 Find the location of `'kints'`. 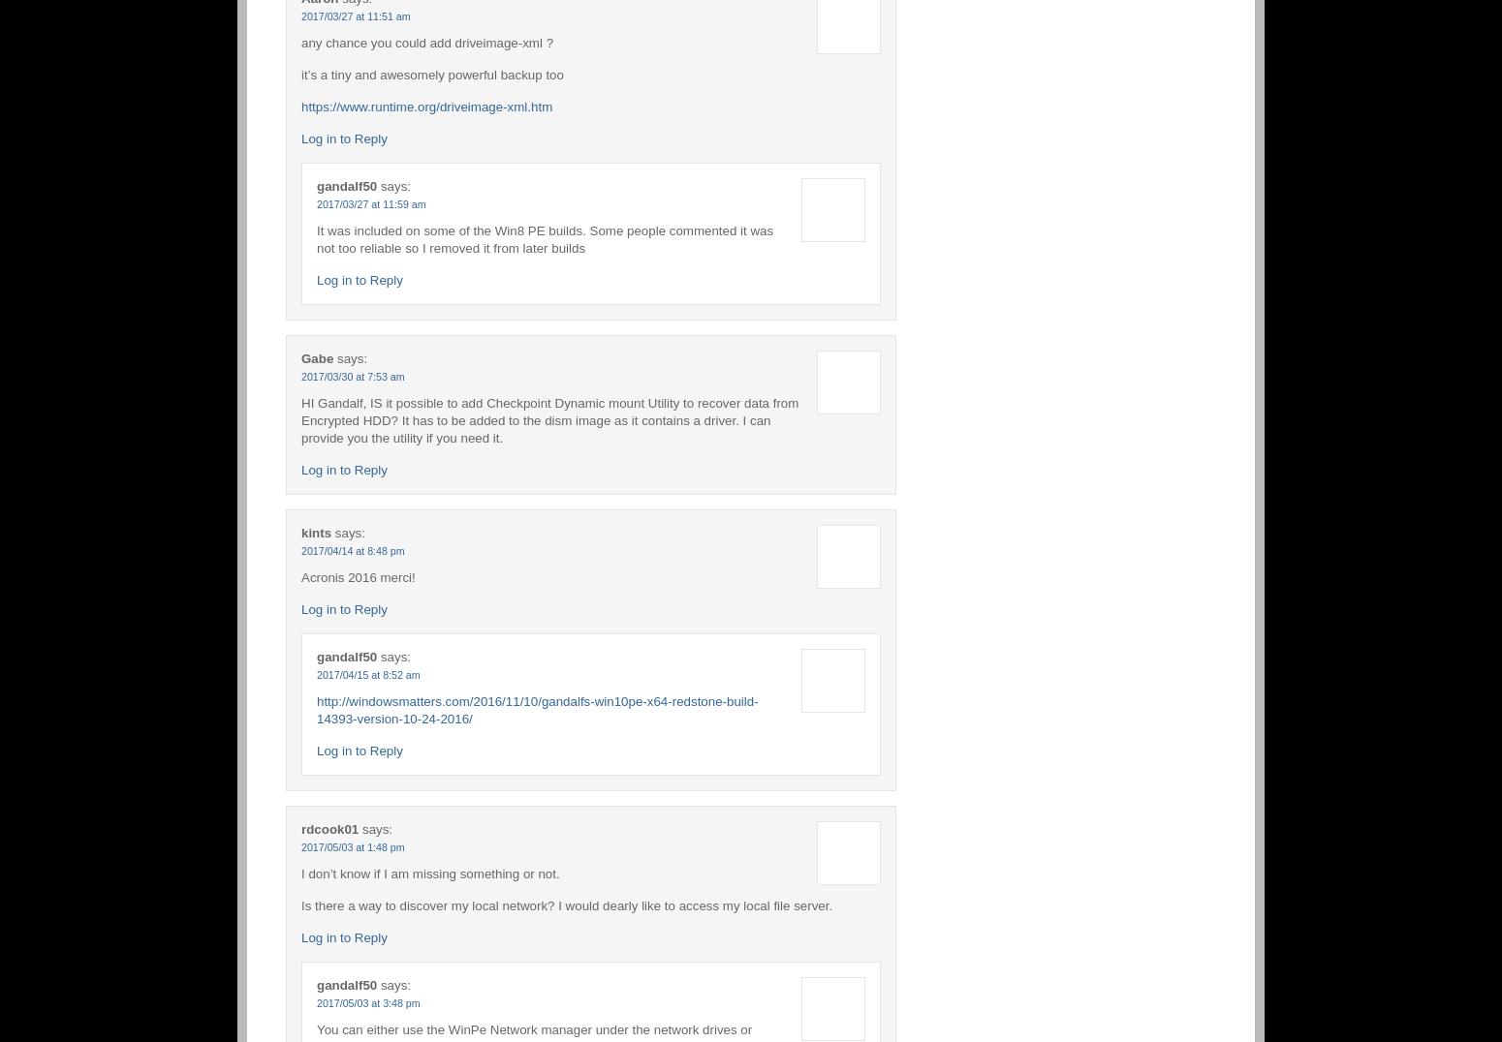

'kints' is located at coordinates (315, 531).